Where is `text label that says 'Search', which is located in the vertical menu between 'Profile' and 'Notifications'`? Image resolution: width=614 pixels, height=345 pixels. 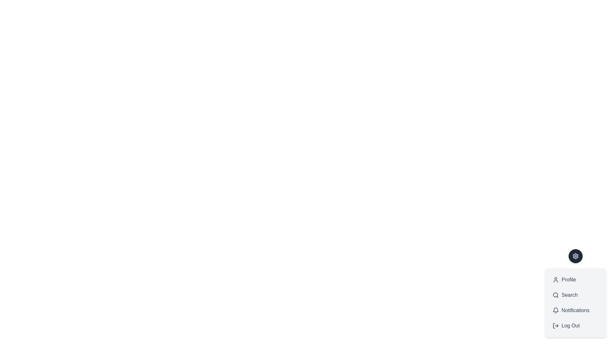 text label that says 'Search', which is located in the vertical menu between 'Profile' and 'Notifications' is located at coordinates (570, 295).